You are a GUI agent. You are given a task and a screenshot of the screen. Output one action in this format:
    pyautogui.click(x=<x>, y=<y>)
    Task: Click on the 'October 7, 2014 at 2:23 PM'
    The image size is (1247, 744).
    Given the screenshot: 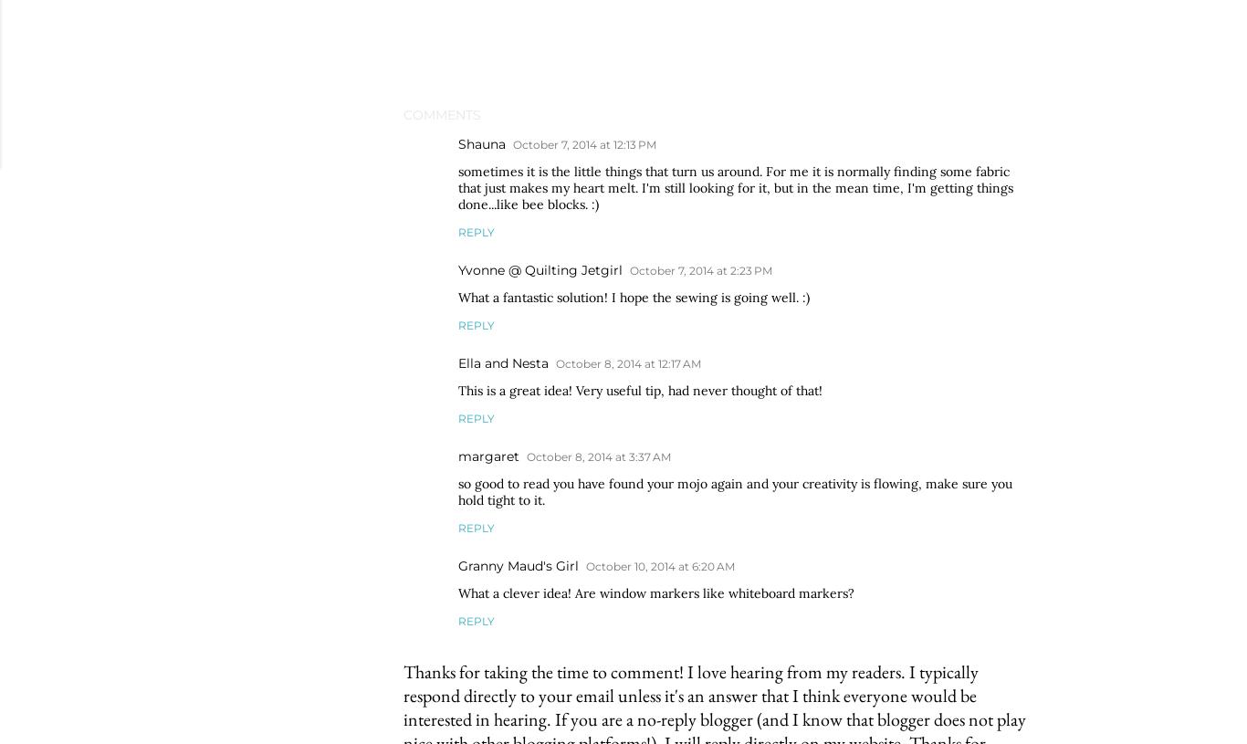 What is the action you would take?
    pyautogui.click(x=700, y=269)
    